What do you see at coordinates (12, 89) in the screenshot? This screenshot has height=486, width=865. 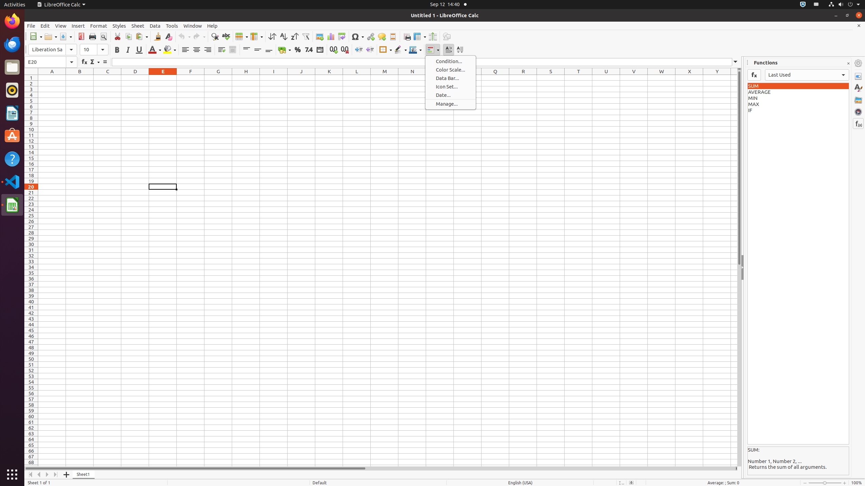 I see `'Rhythmbox'` at bounding box center [12, 89].